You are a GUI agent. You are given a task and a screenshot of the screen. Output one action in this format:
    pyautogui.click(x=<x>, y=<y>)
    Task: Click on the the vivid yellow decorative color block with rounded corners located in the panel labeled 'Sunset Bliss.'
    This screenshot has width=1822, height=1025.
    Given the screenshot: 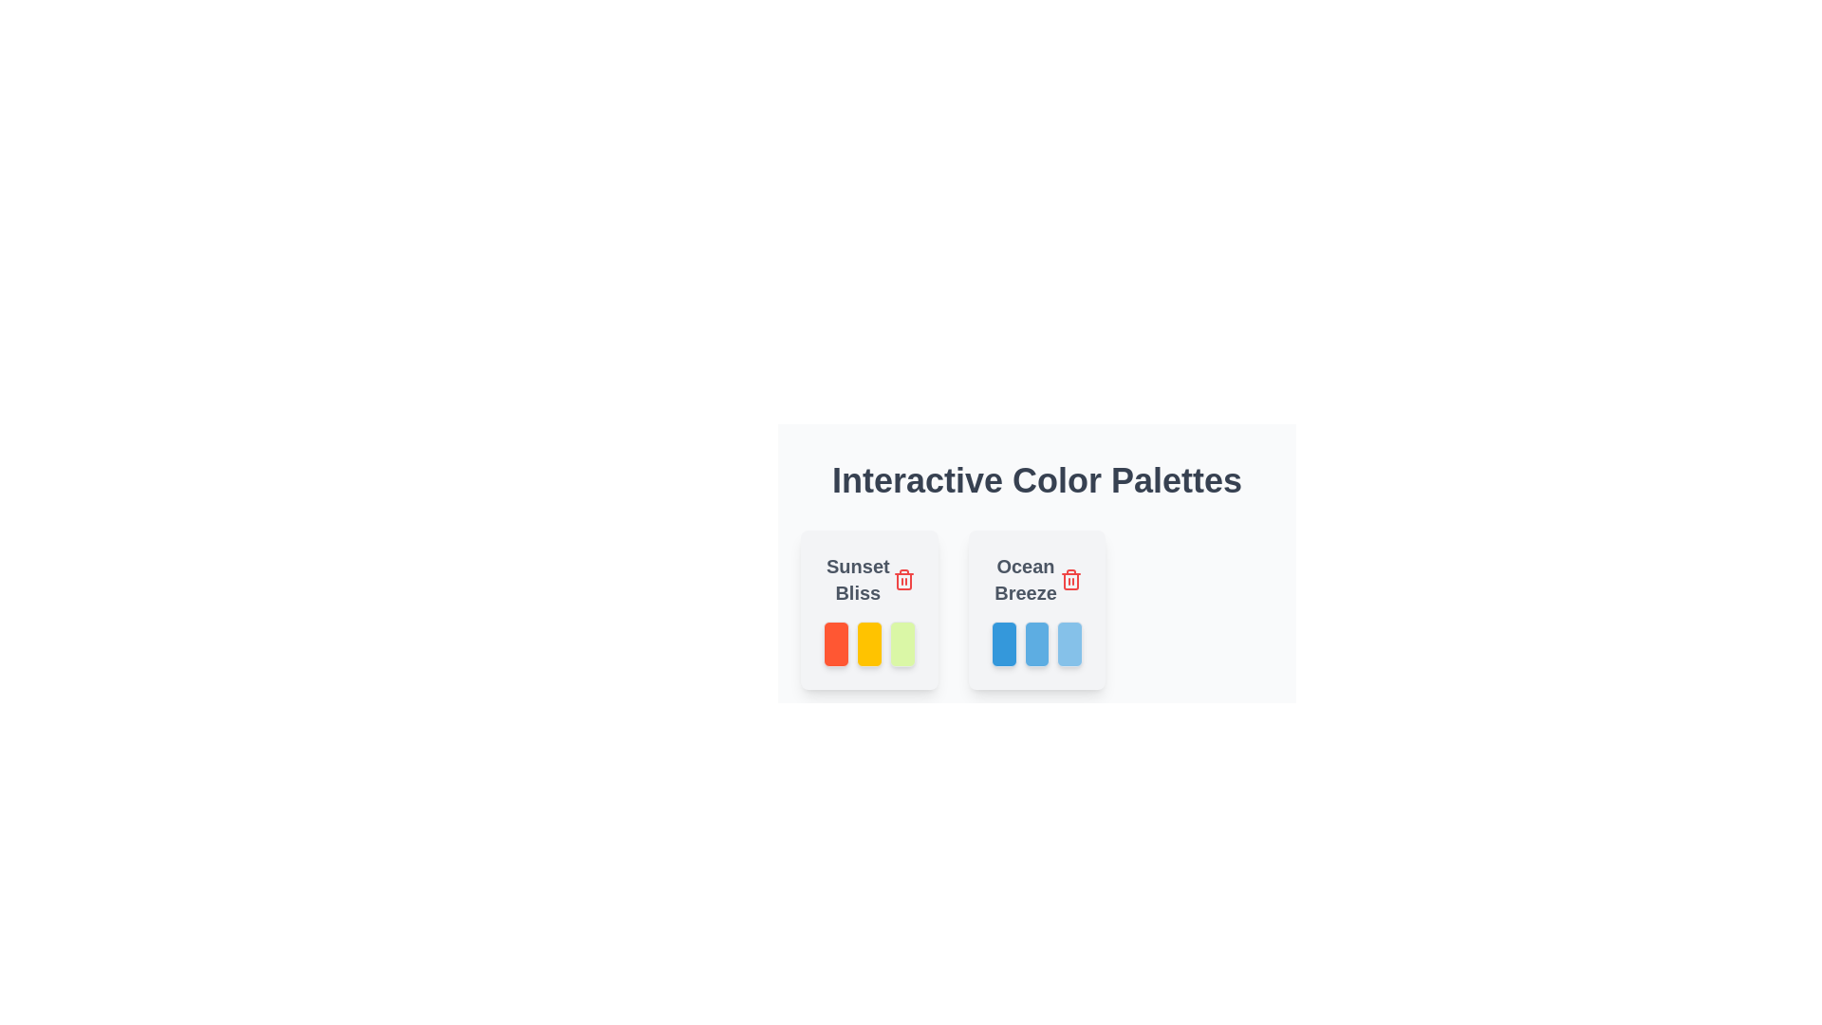 What is the action you would take?
    pyautogui.click(x=868, y=643)
    